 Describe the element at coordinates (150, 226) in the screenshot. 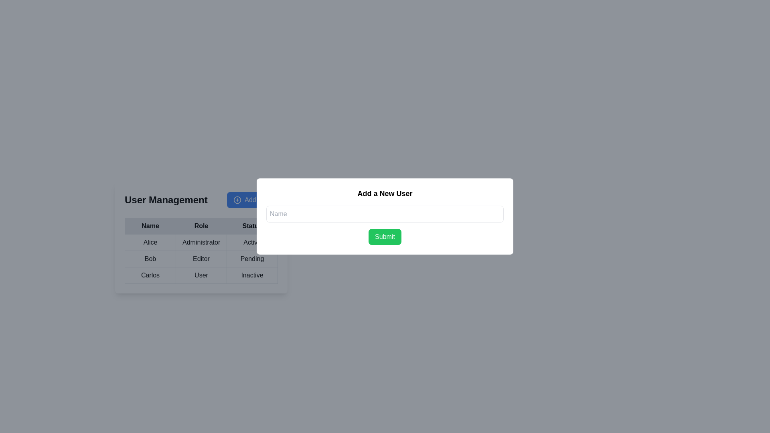

I see `the 'Name' text label in the table header` at that location.